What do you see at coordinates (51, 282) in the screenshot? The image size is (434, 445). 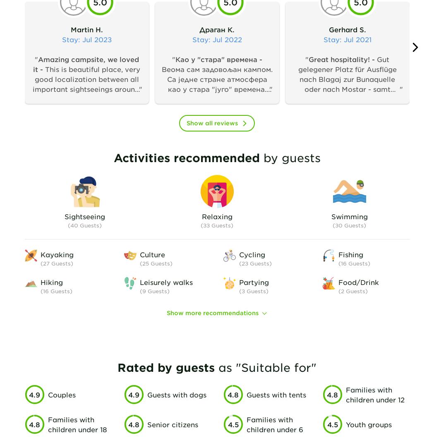 I see `'Hiking'` at bounding box center [51, 282].